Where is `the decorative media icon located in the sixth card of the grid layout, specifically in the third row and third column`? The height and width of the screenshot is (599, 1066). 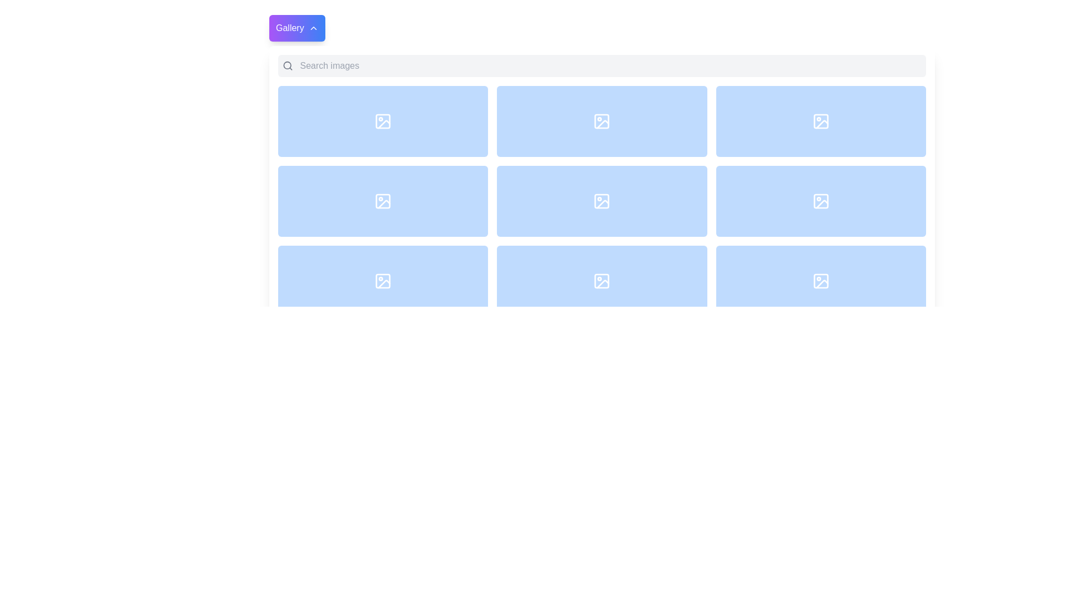 the decorative media icon located in the sixth card of the grid layout, specifically in the third row and third column is located at coordinates (601, 280).